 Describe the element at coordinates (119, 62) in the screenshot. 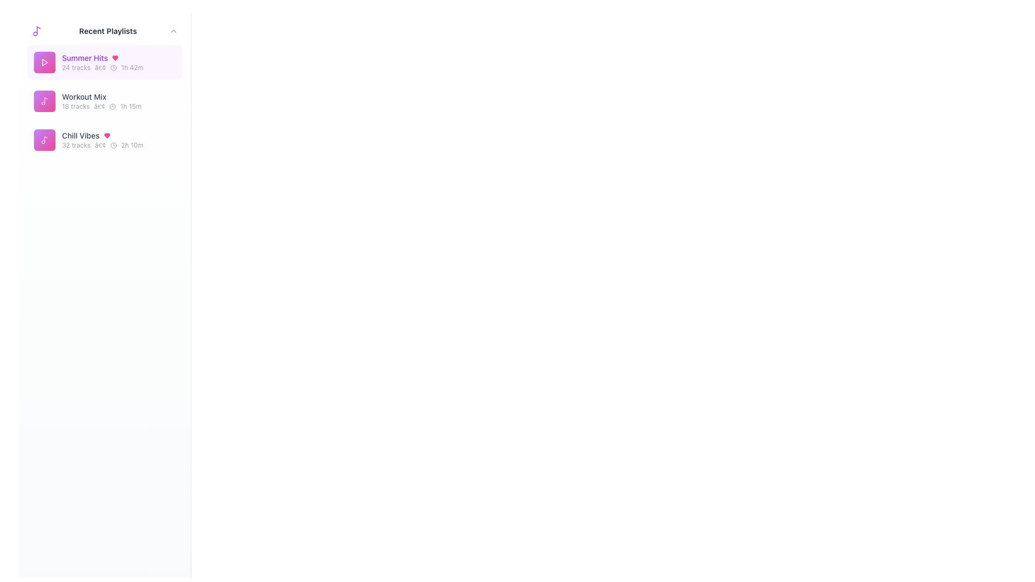

I see `the Text label with metadata that displays the playlist summary titled 'Summer Hits', including track count and duration, located as the first entry in the recent playlists list` at that location.